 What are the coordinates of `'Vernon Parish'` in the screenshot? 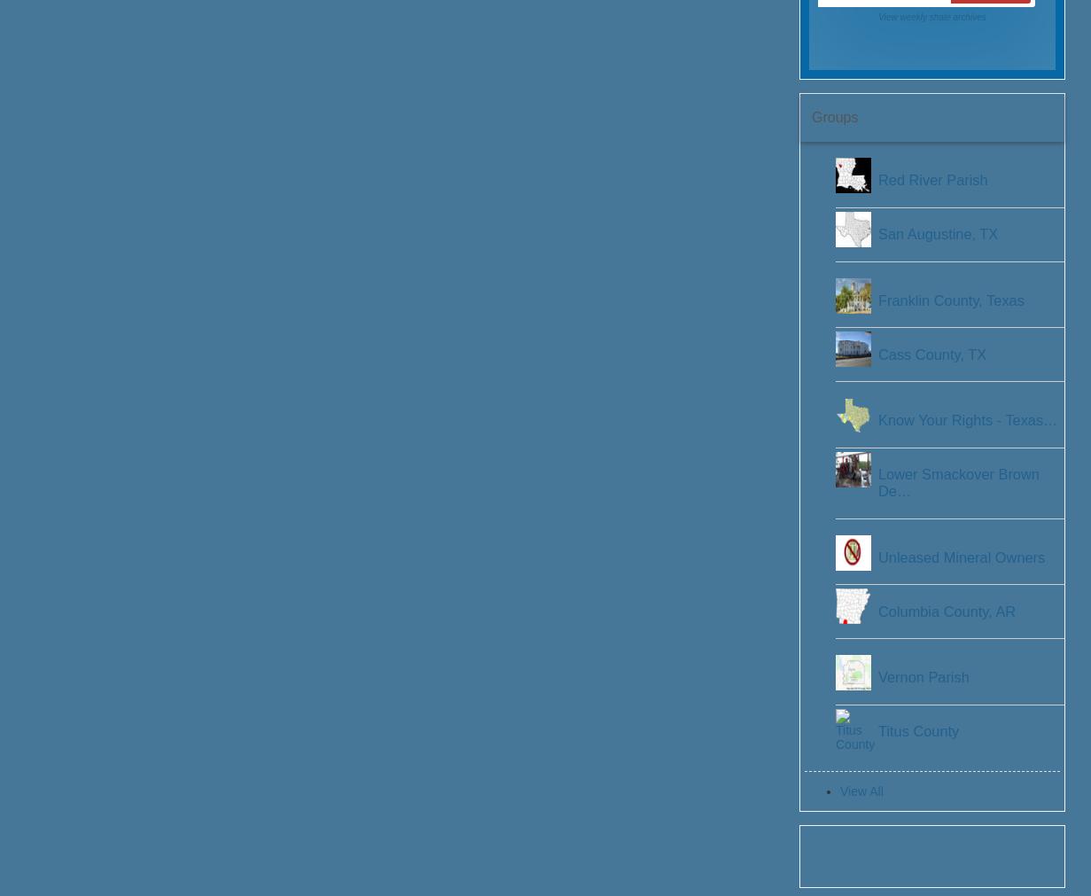 It's located at (923, 676).